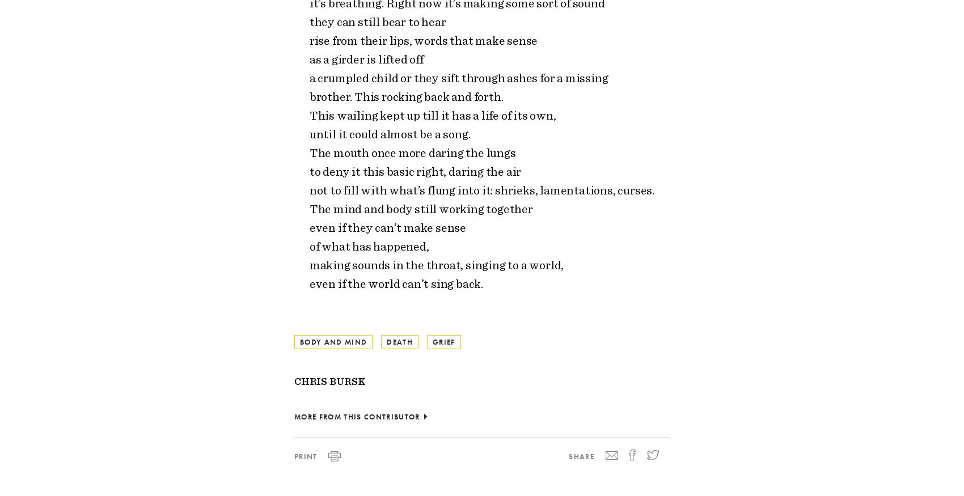  Describe the element at coordinates (458, 77) in the screenshot. I see `'a crumpled child or they sift through ashes for a missing'` at that location.